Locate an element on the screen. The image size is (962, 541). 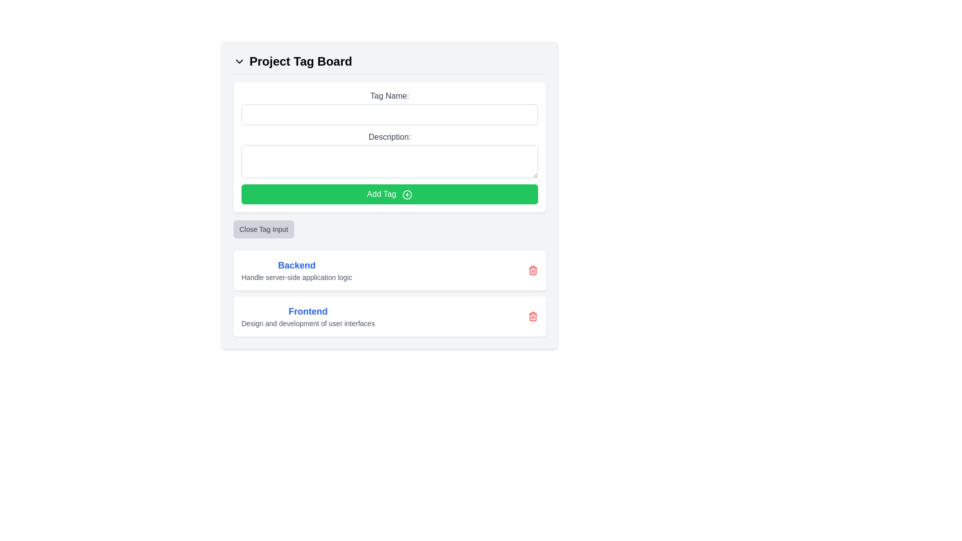
the Text label that serves as a header for backend-related functionalities, located above the descriptive text 'Handle server-side application logic' is located at coordinates (296, 264).